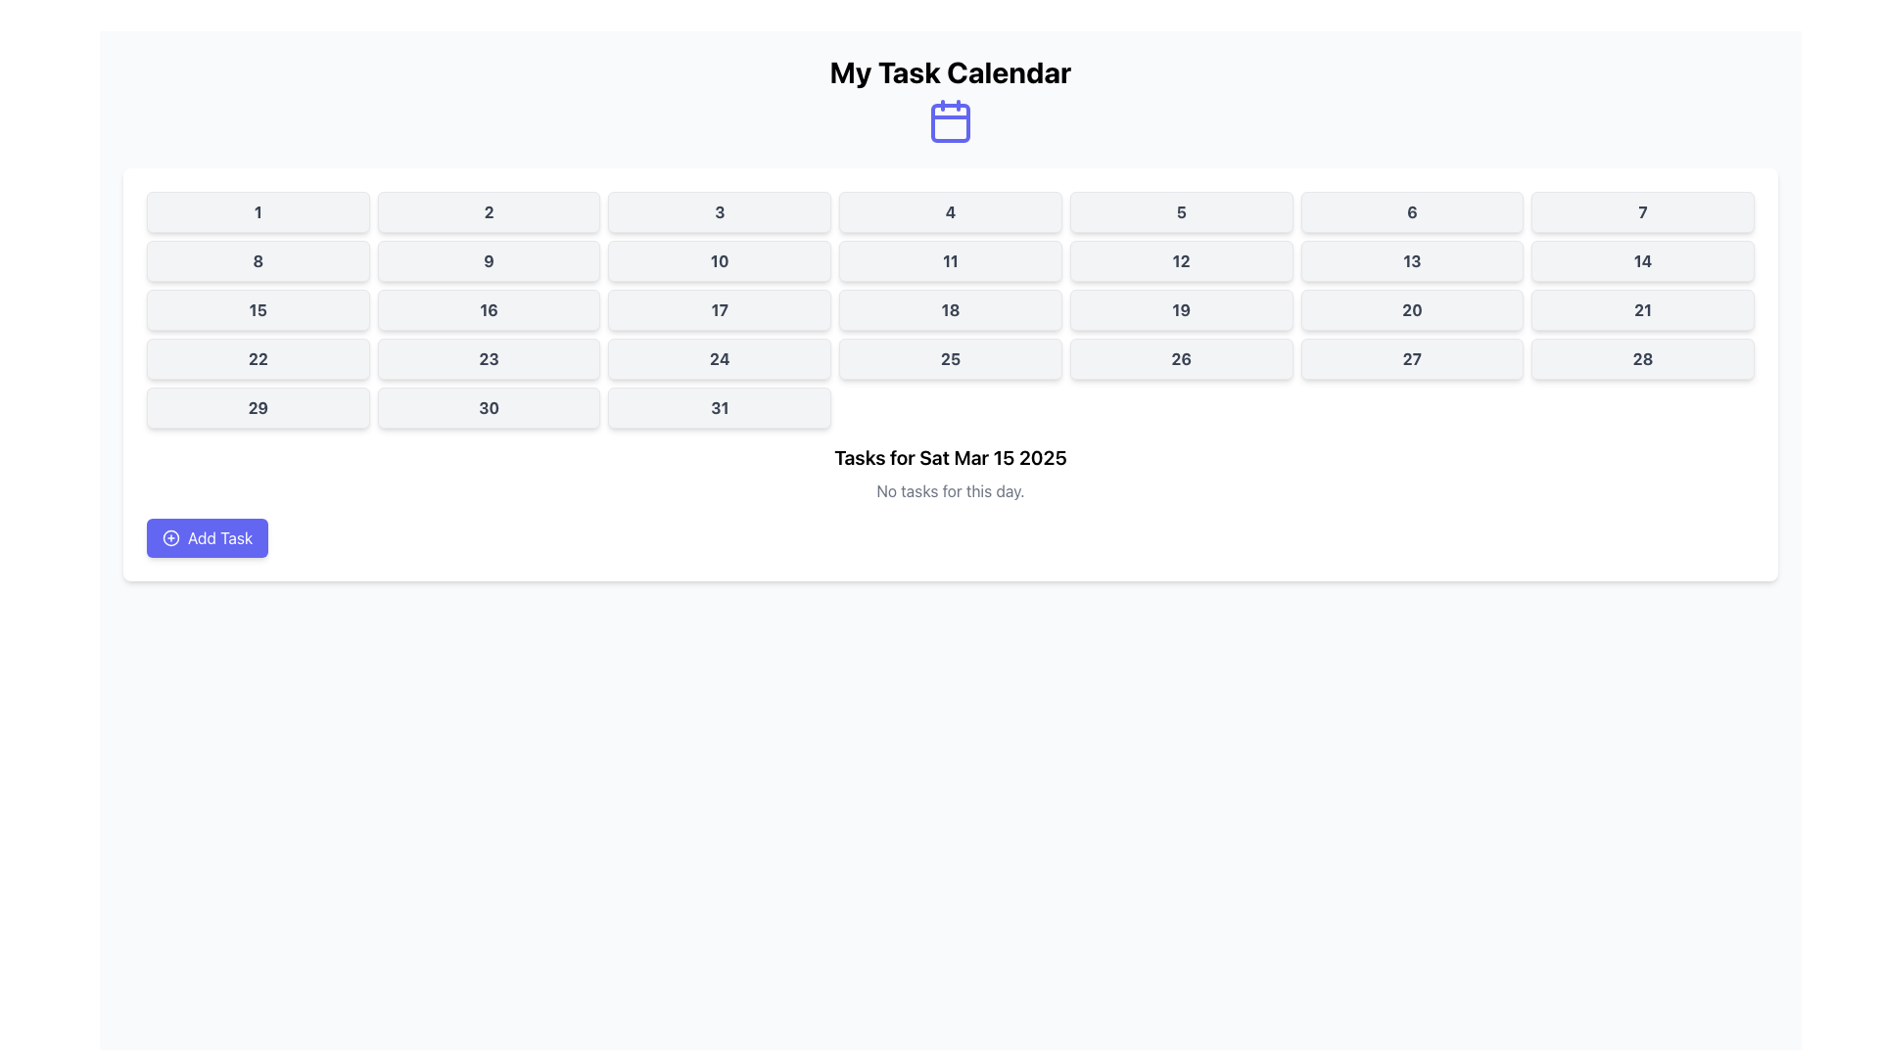 The image size is (1880, 1057). What do you see at coordinates (1180, 259) in the screenshot?
I see `the rectangular button with a light gray background and bold dark gray text displaying the number '12'` at bounding box center [1180, 259].